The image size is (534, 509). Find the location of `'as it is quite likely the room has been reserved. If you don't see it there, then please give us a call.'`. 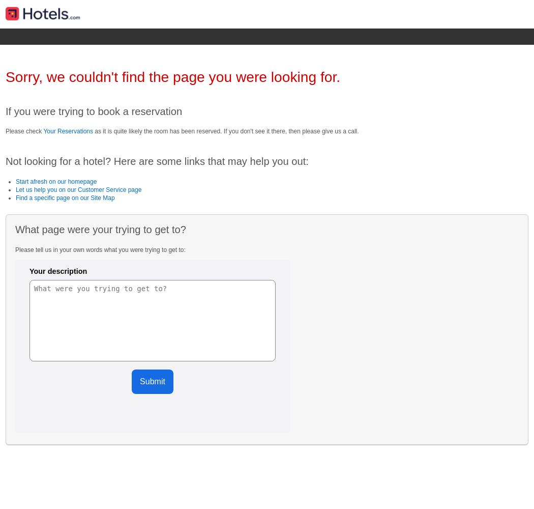

'as it is quite likely the room has been reserved. If you don't see it there, then please give us a call.' is located at coordinates (225, 131).